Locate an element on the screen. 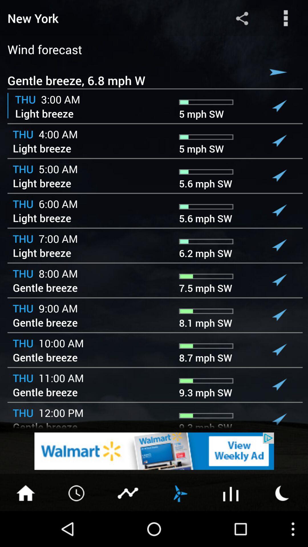 This screenshot has width=308, height=547. shows half moon symbol is located at coordinates (282, 492).